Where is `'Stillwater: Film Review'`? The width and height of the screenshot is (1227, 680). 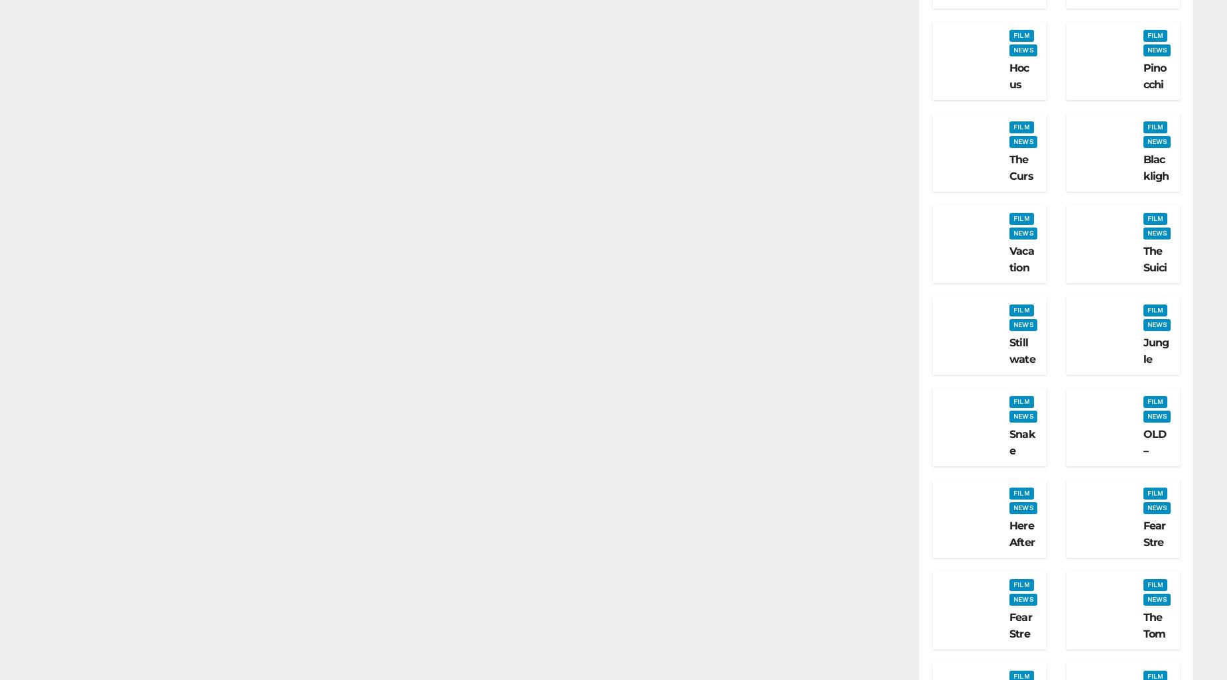
'Stillwater: Film Review' is located at coordinates (1022, 384).